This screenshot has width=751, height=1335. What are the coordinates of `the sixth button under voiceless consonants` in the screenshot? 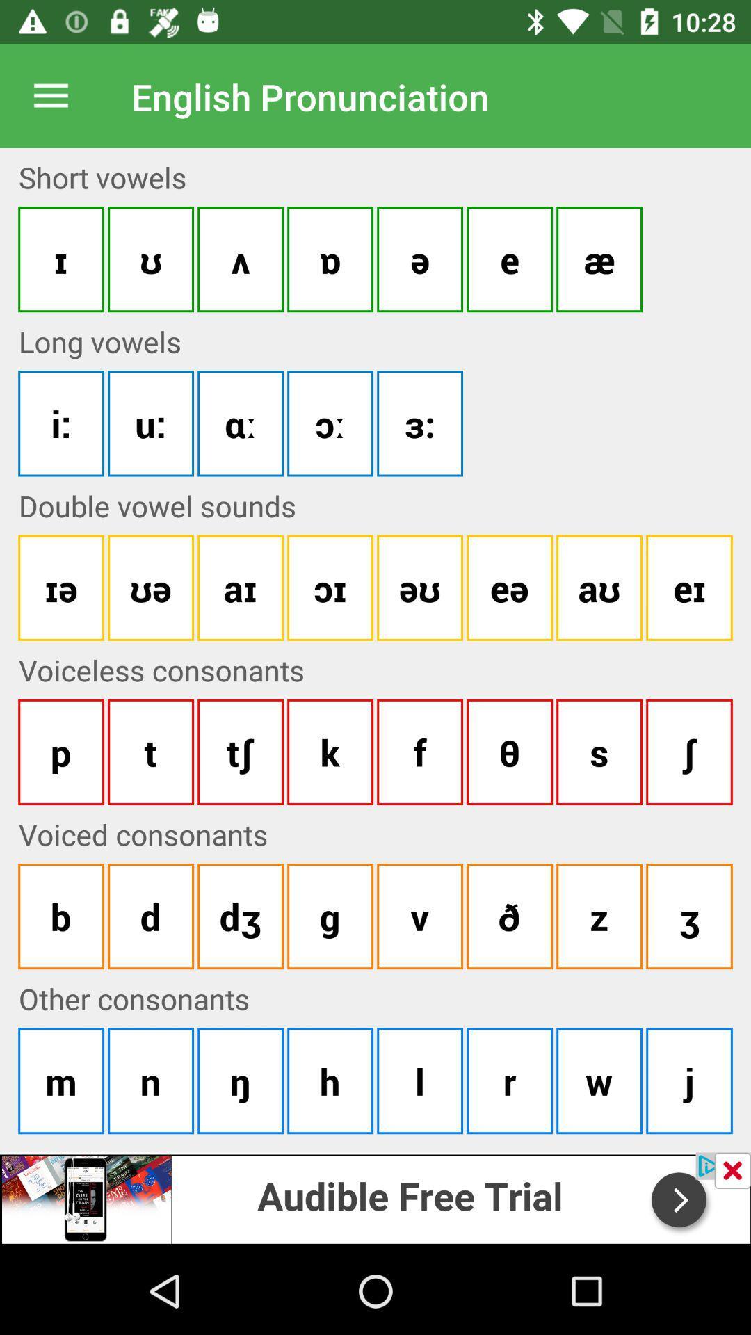 It's located at (509, 916).